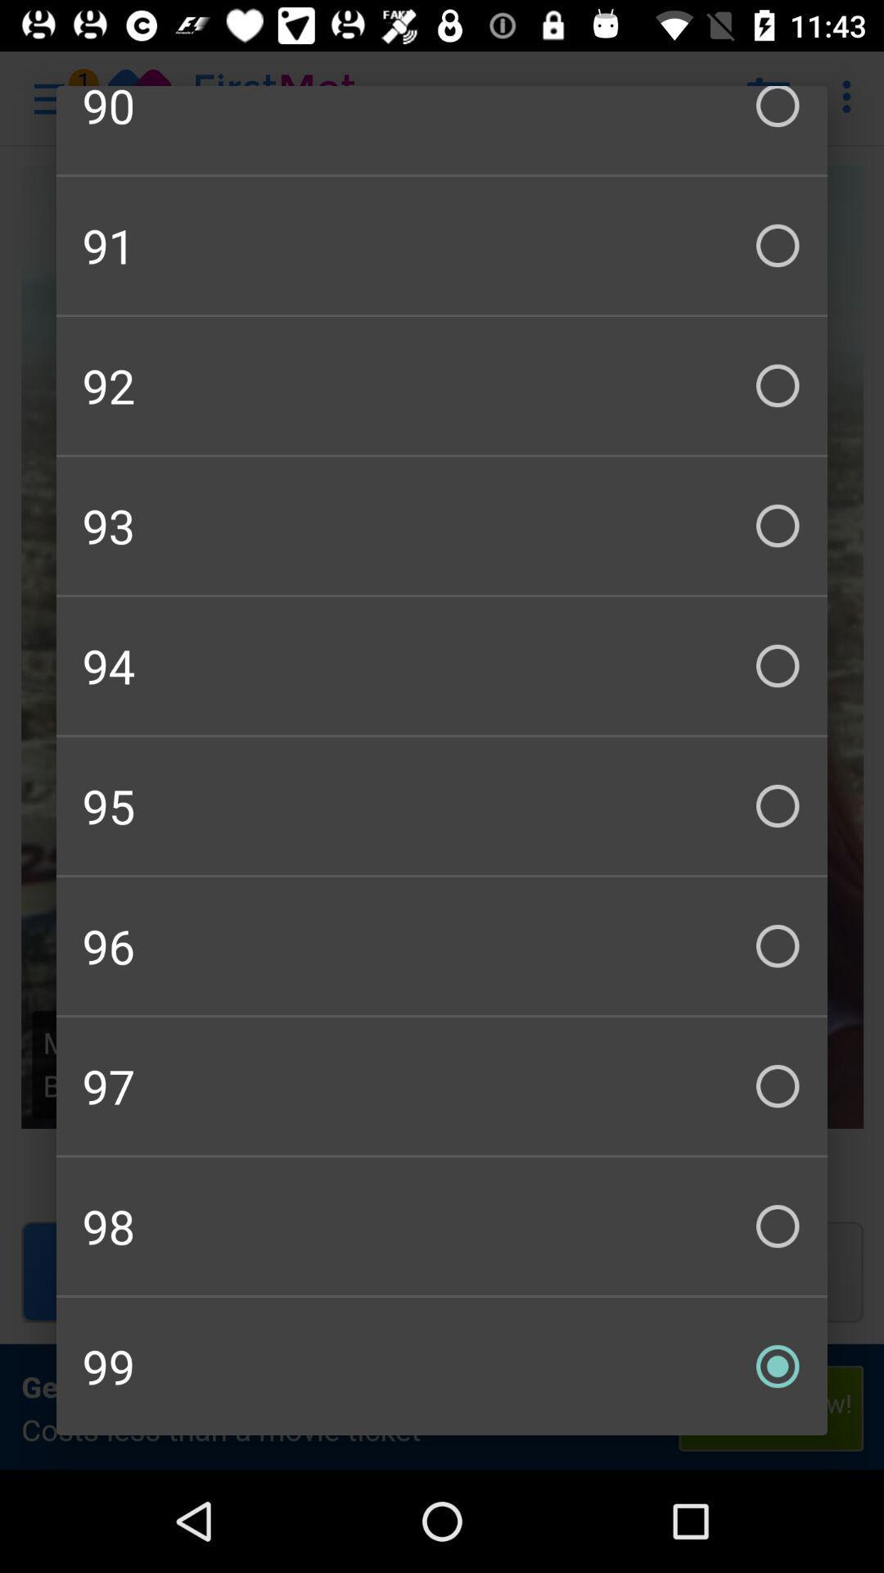 Image resolution: width=884 pixels, height=1573 pixels. What do you see at coordinates (442, 129) in the screenshot?
I see `the item above 91 checkbox` at bounding box center [442, 129].